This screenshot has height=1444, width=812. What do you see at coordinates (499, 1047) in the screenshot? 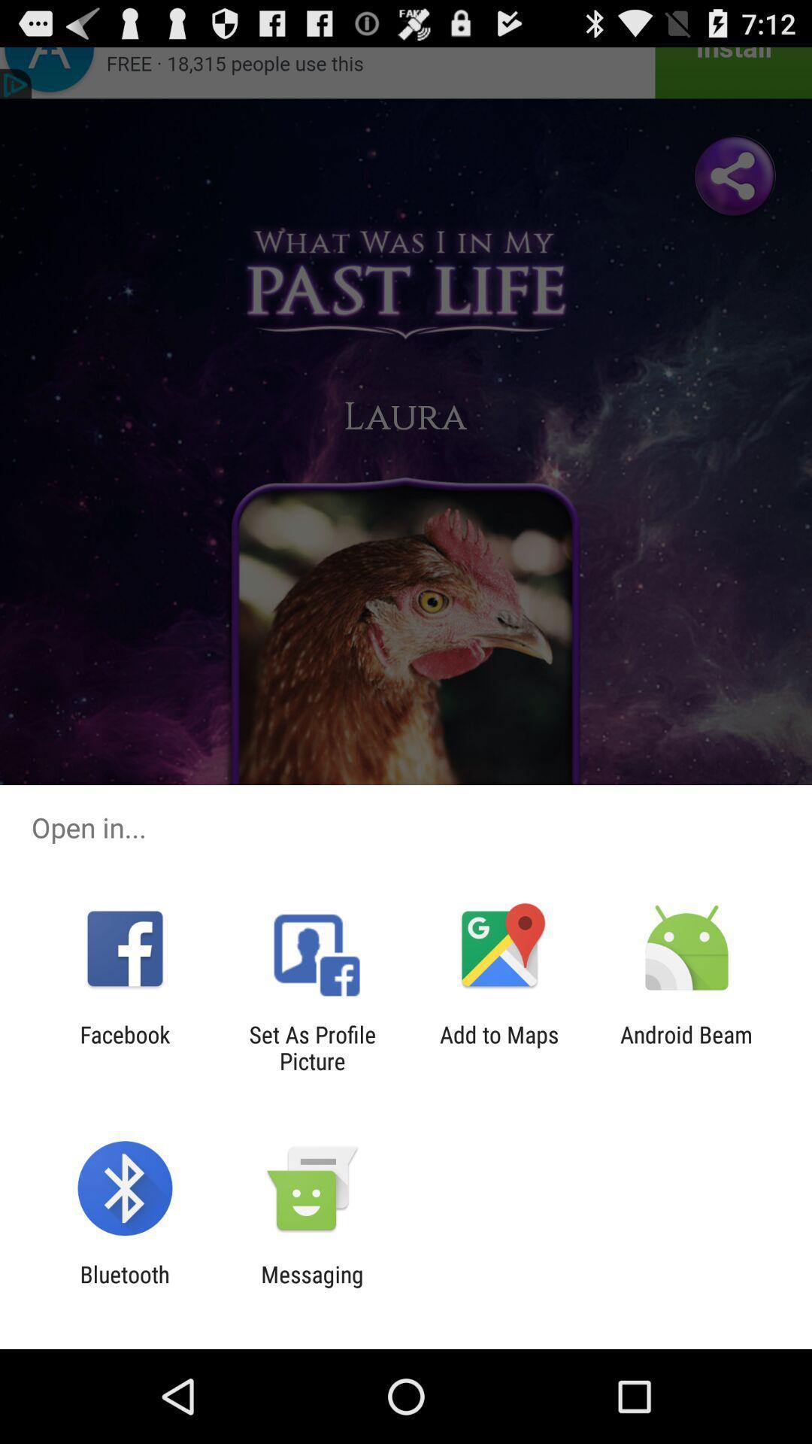
I see `the add to maps item` at bounding box center [499, 1047].